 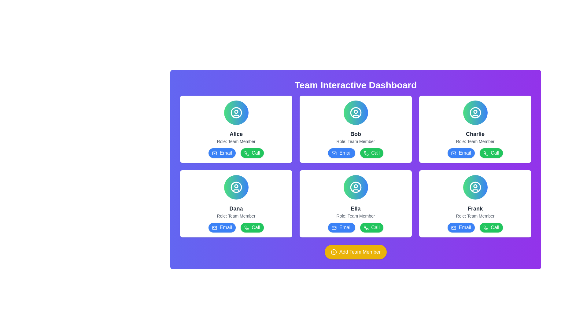 I want to click on the circular icon with a gradient background and a white user icon in the center, located at the top of the card labeled 'Dana' in the grid layout, so click(x=236, y=187).